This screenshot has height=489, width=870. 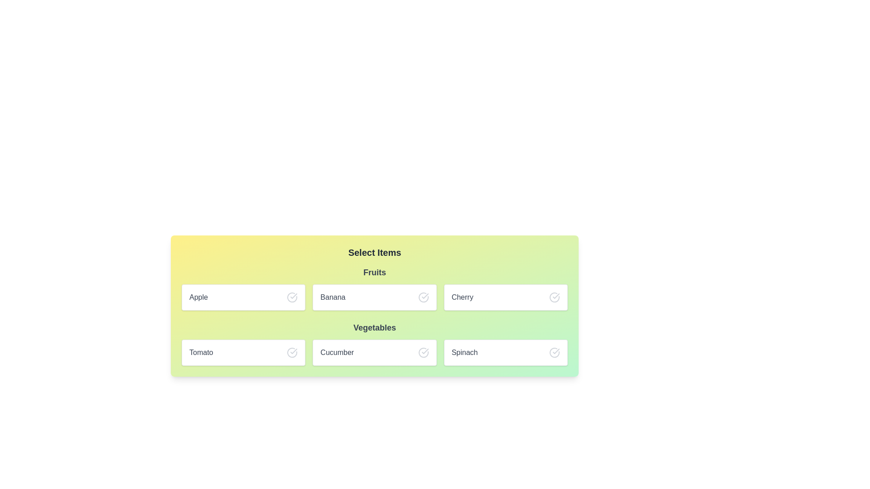 What do you see at coordinates (292, 297) in the screenshot?
I see `the activation icon located in the top-left box under the 'Fruits' section of the 'Select Items' list interface, which indicates or confirms the selection status for the 'Apple' option` at bounding box center [292, 297].